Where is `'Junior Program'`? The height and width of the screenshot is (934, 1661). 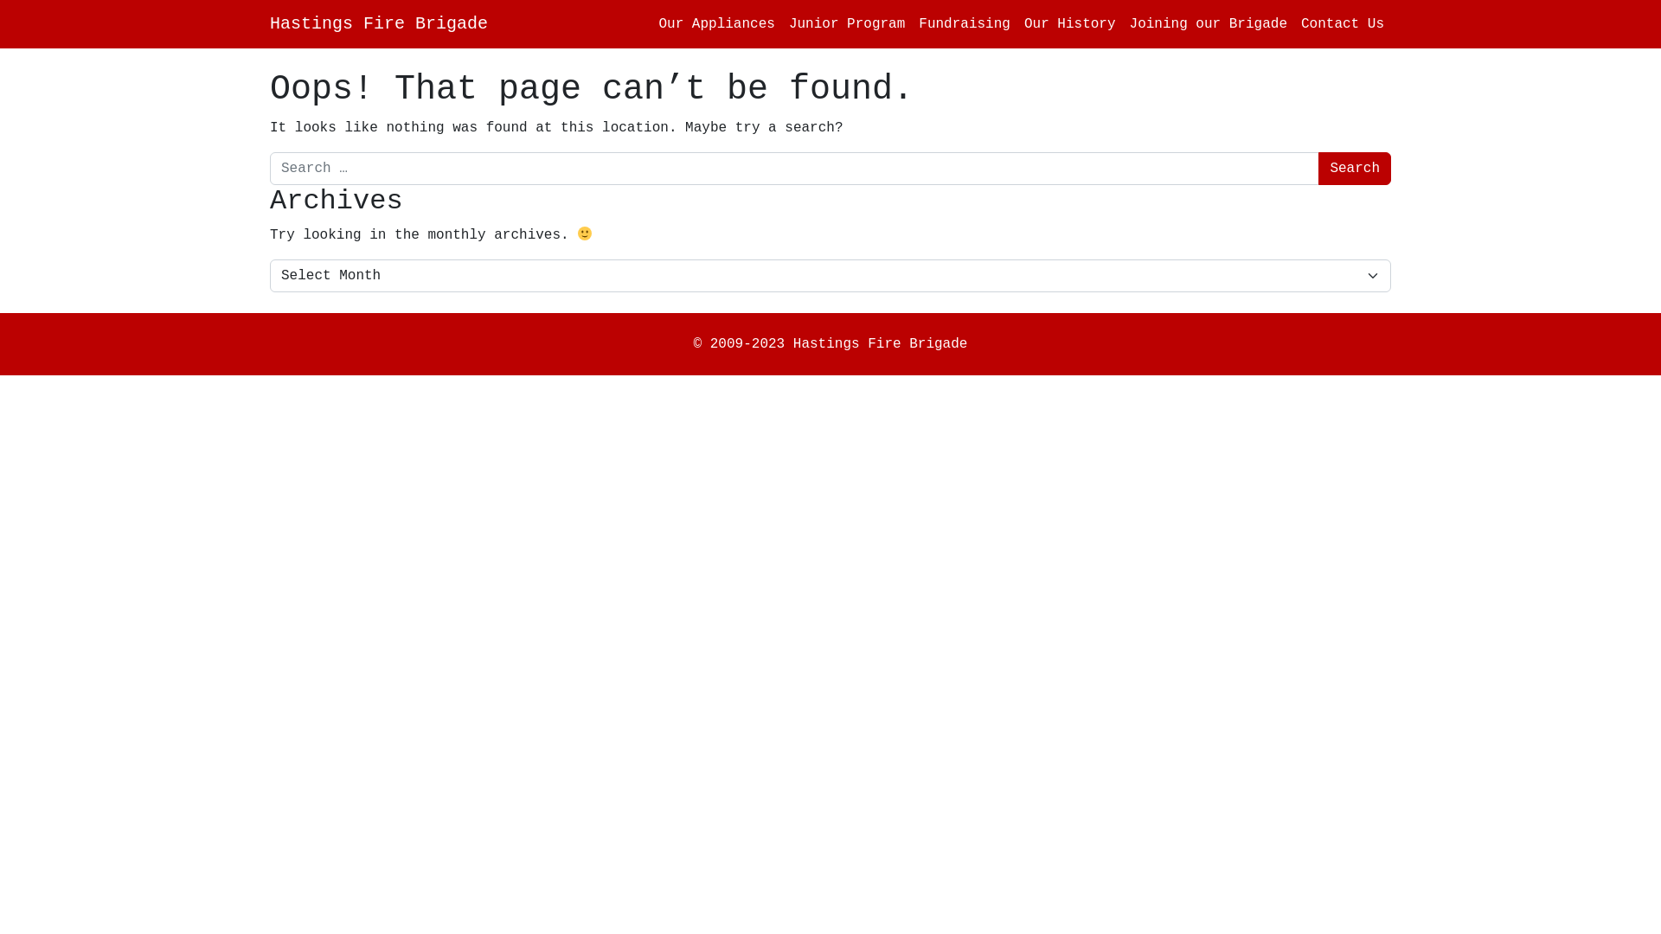 'Junior Program' is located at coordinates (847, 23).